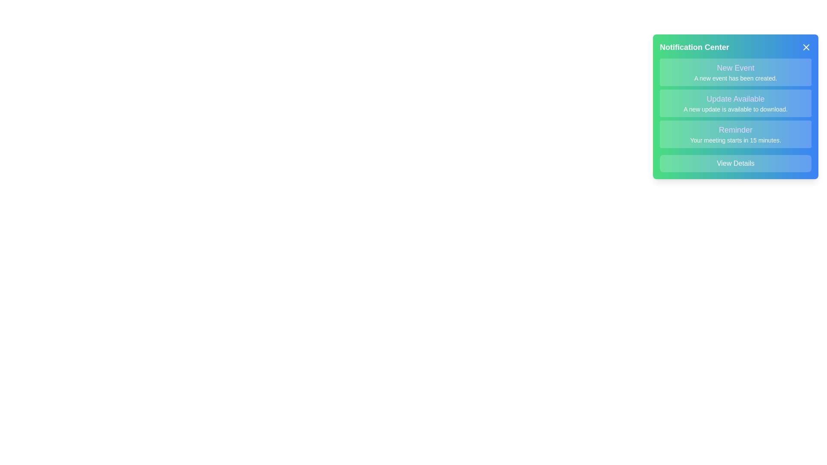 Image resolution: width=827 pixels, height=465 pixels. I want to click on the notification titled Update Available, so click(735, 102).